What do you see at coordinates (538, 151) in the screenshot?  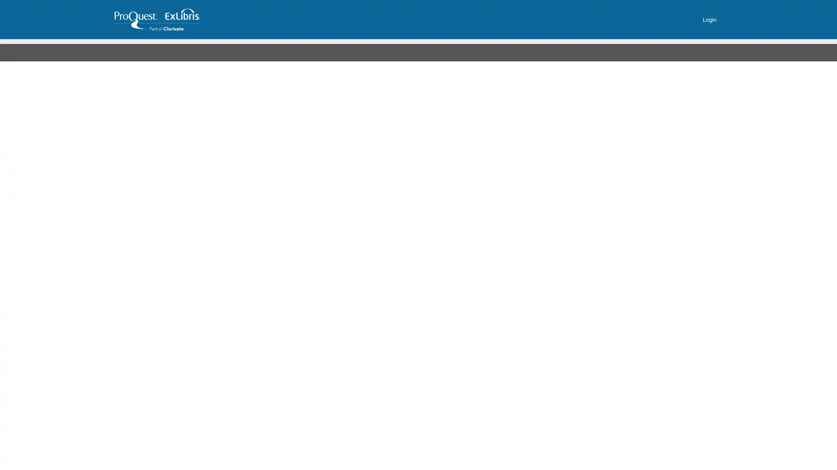 I see `Login` at bounding box center [538, 151].